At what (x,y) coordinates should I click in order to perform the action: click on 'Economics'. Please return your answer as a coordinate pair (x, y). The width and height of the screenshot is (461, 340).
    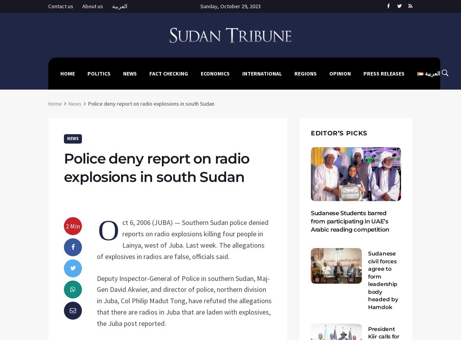
    Looking at the image, I should click on (215, 73).